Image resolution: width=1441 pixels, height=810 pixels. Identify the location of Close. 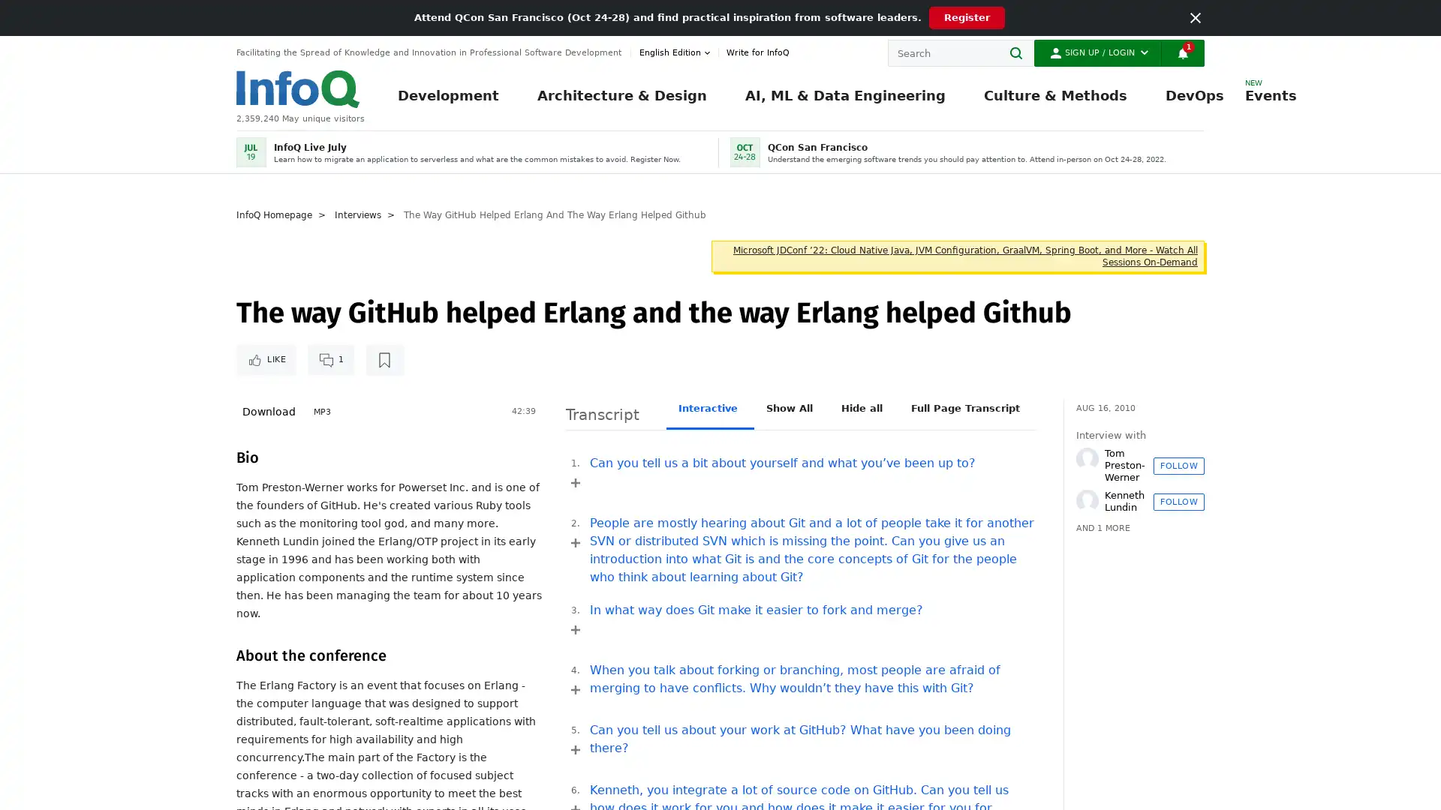
(1195, 17).